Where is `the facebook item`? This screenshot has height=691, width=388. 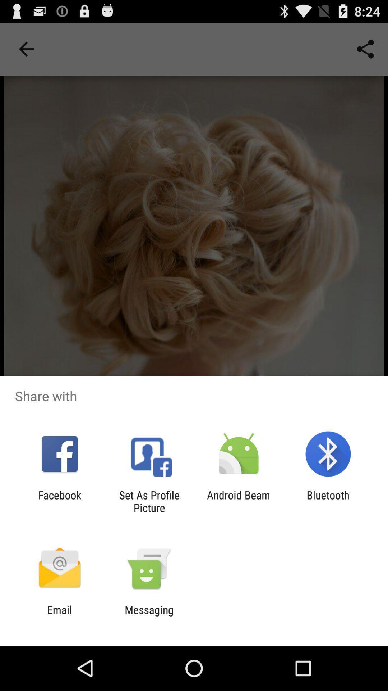 the facebook item is located at coordinates (59, 501).